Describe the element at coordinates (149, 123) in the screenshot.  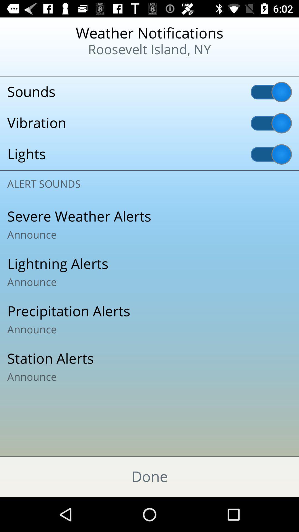
I see `item below the sounds icon` at that location.